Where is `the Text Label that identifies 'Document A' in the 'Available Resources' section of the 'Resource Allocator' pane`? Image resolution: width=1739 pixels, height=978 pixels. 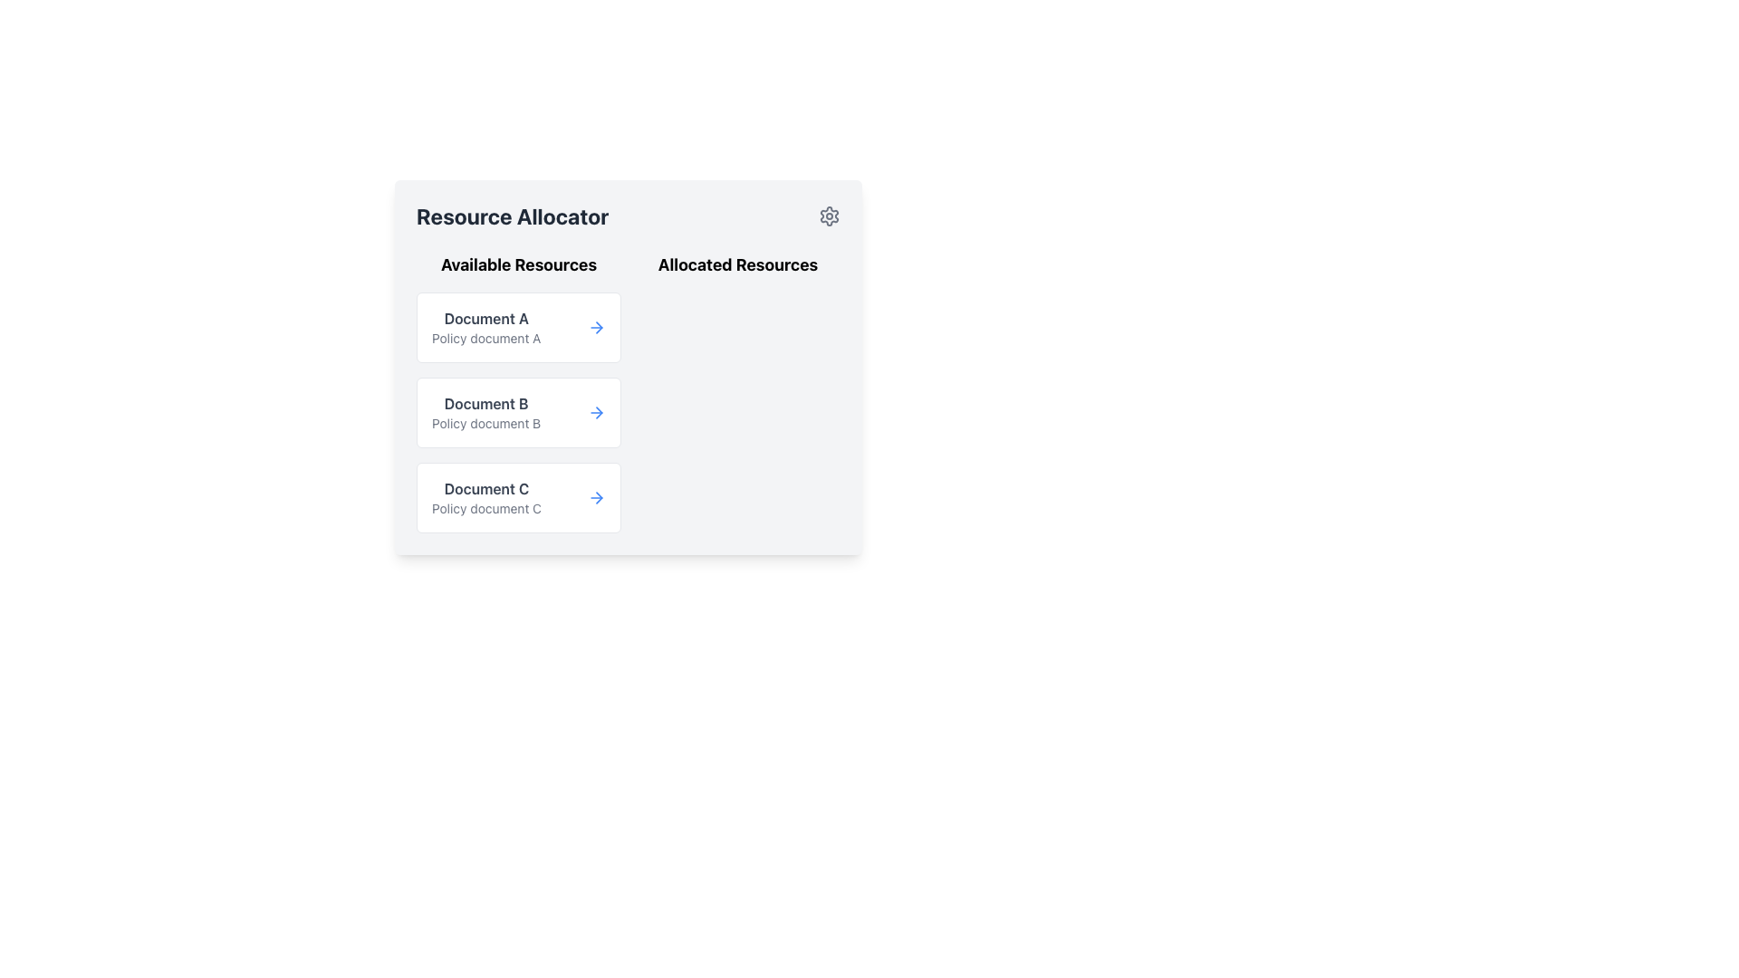 the Text Label that identifies 'Document A' in the 'Available Resources' section of the 'Resource Allocator' pane is located at coordinates (486, 328).